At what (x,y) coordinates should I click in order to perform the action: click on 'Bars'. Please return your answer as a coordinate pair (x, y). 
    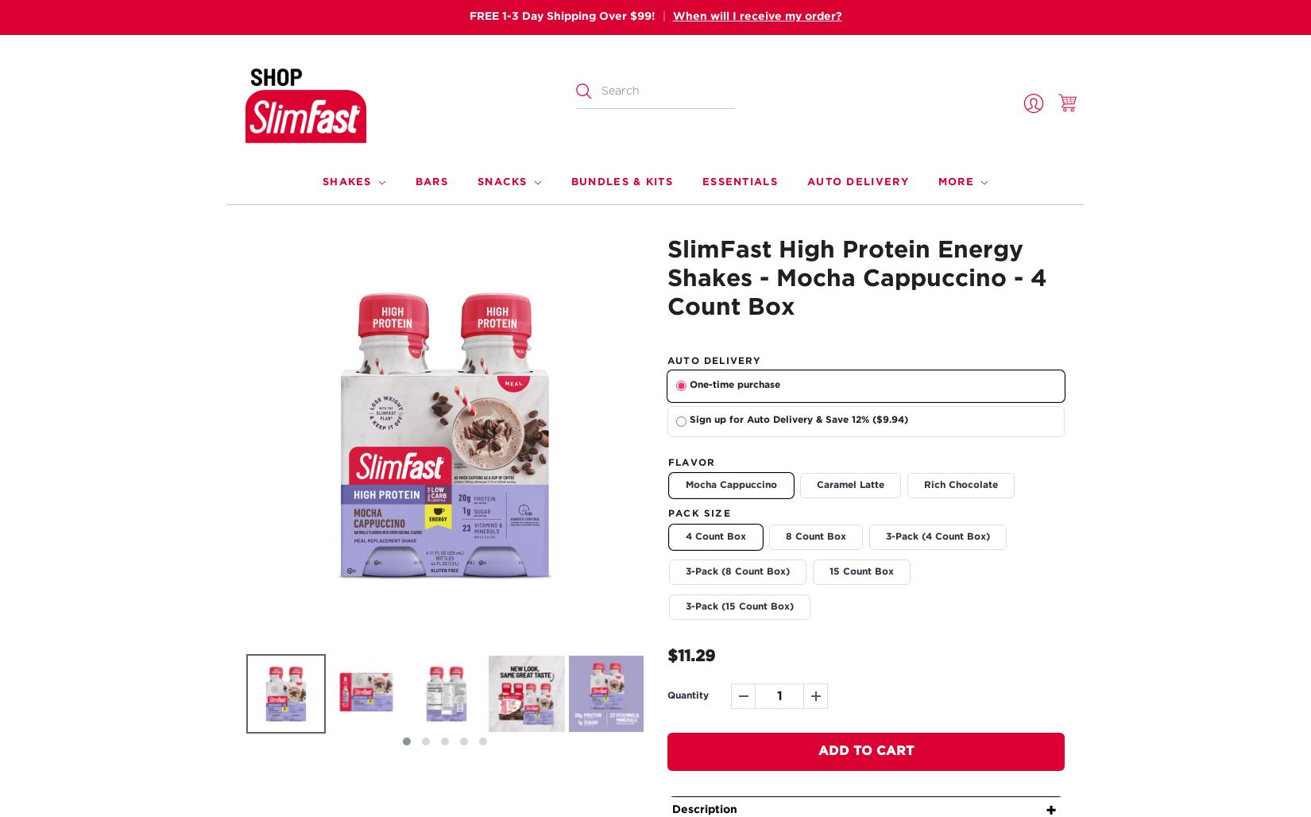
    Looking at the image, I should click on (430, 180).